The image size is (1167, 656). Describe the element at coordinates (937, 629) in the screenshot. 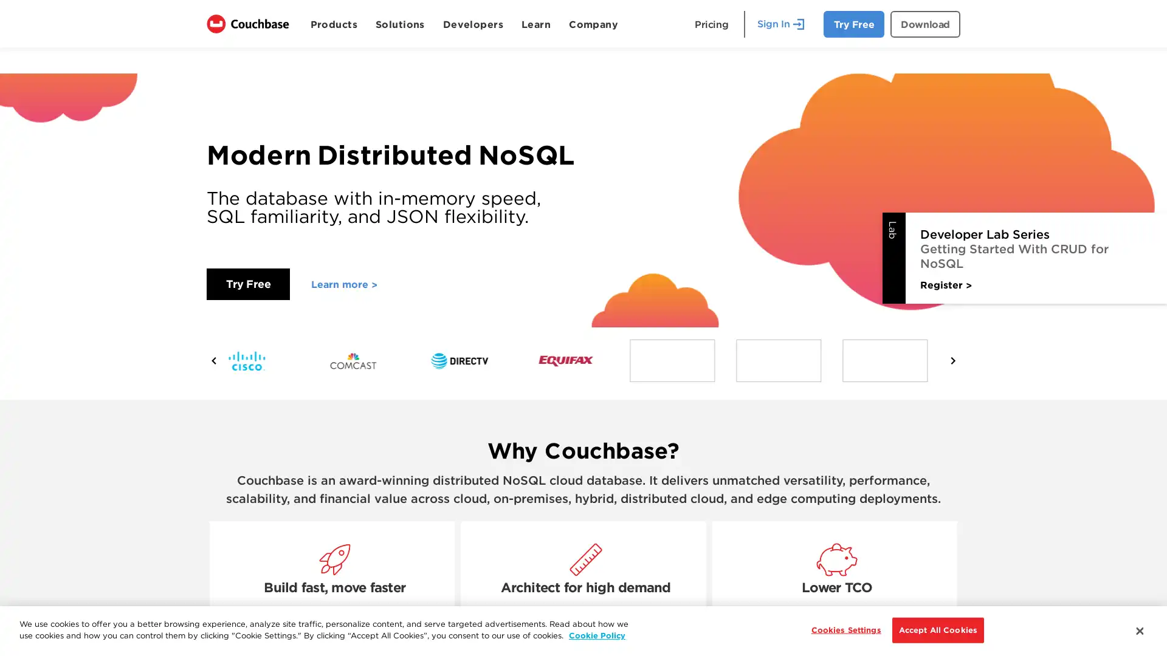

I see `Accept All Cookies` at that location.